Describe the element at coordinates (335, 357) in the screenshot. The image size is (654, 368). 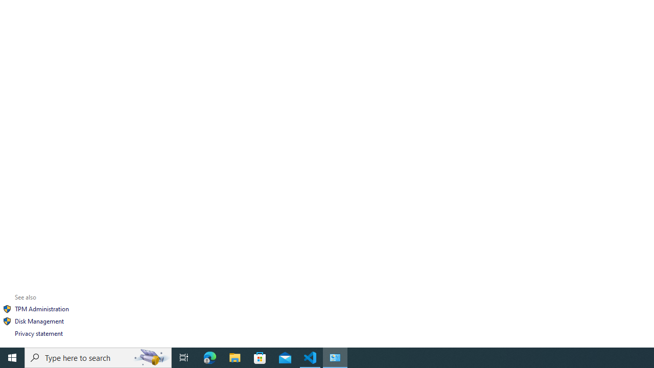
I see `'Control Panel - 1 running window'` at that location.